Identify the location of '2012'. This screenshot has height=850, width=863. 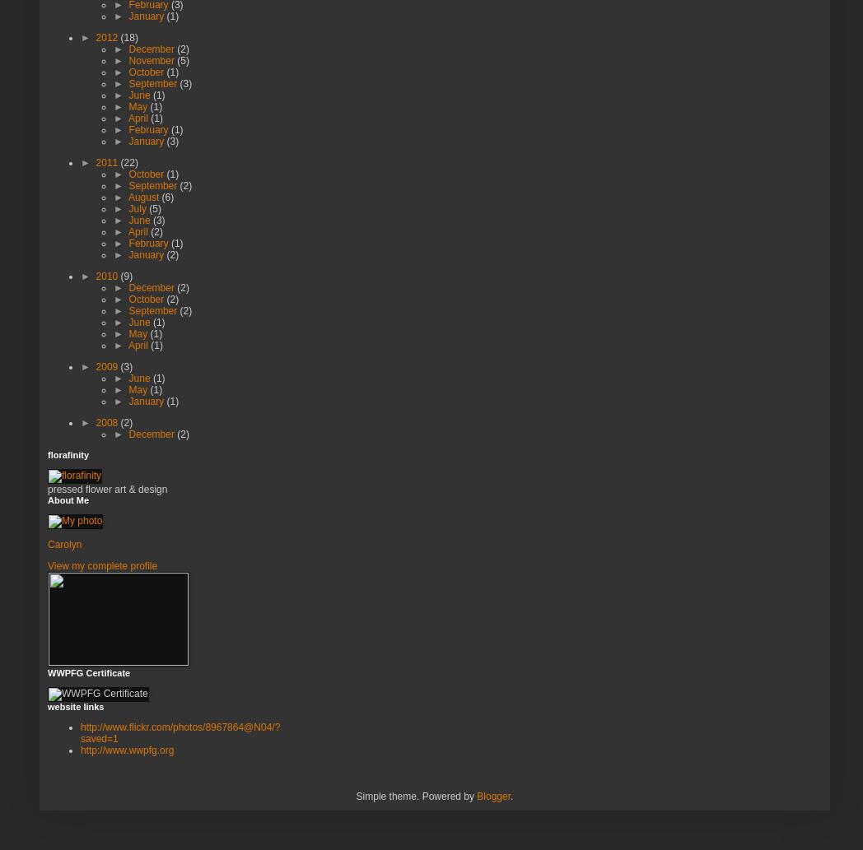
(107, 37).